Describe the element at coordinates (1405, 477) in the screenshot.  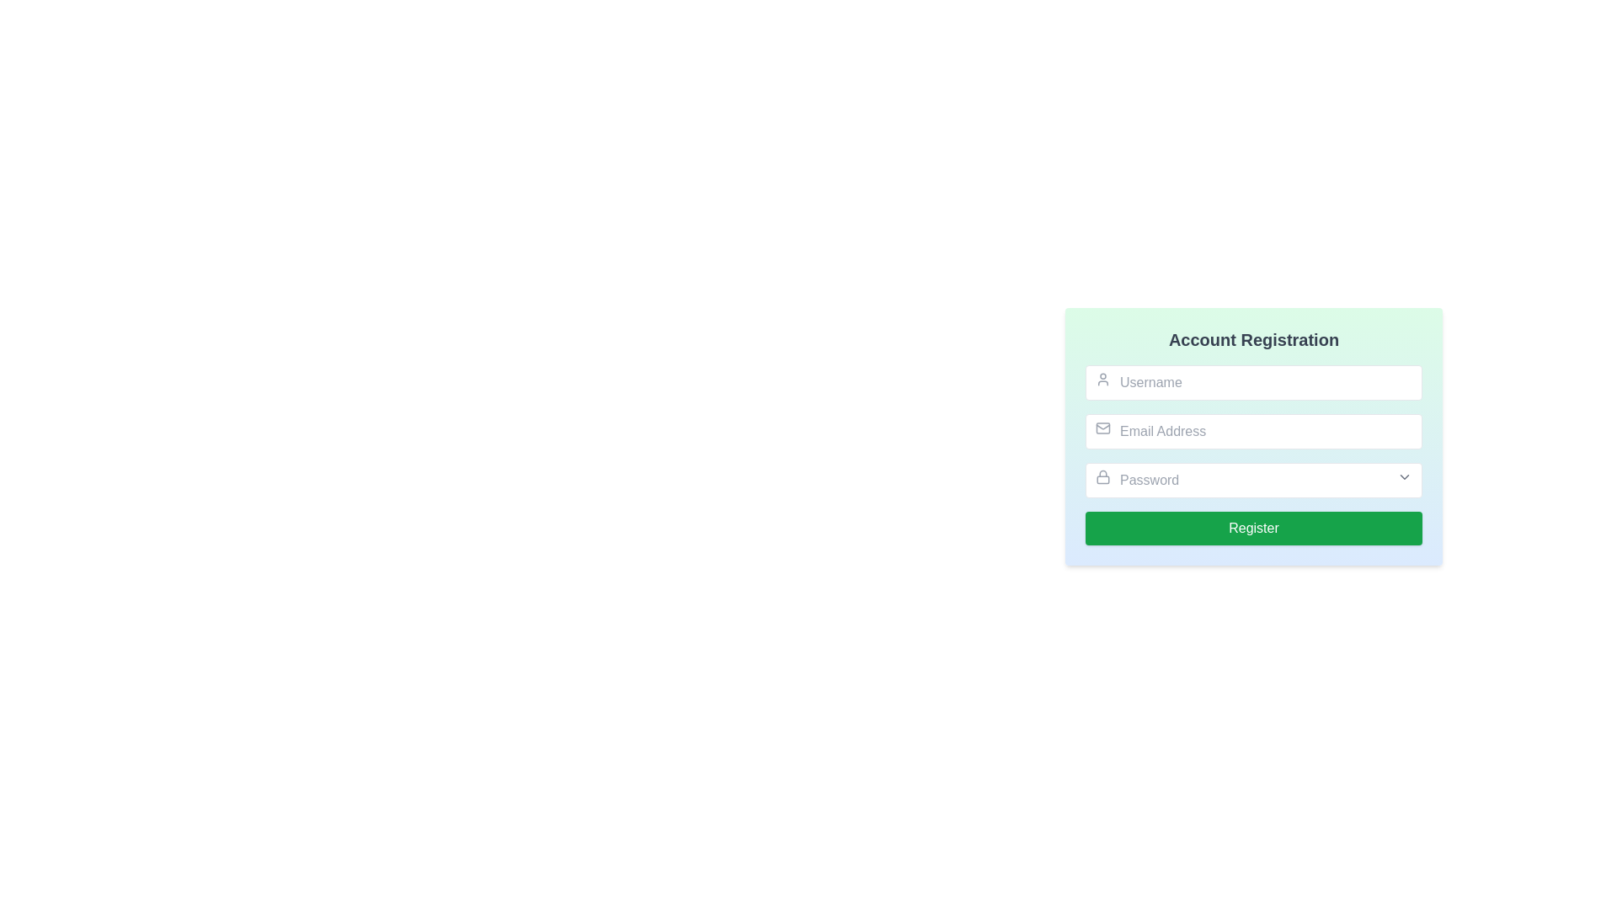
I see `the downward-pointing chevron button located at the right side of the password input field` at that location.